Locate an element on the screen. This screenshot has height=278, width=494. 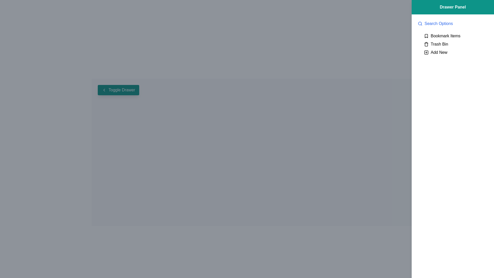
the 'Trash Bin' text label, which is styled in black font and positioned in the vertical list on the right sidebar, located between 'Bookmark Items' and 'Add New' is located at coordinates (439, 44).